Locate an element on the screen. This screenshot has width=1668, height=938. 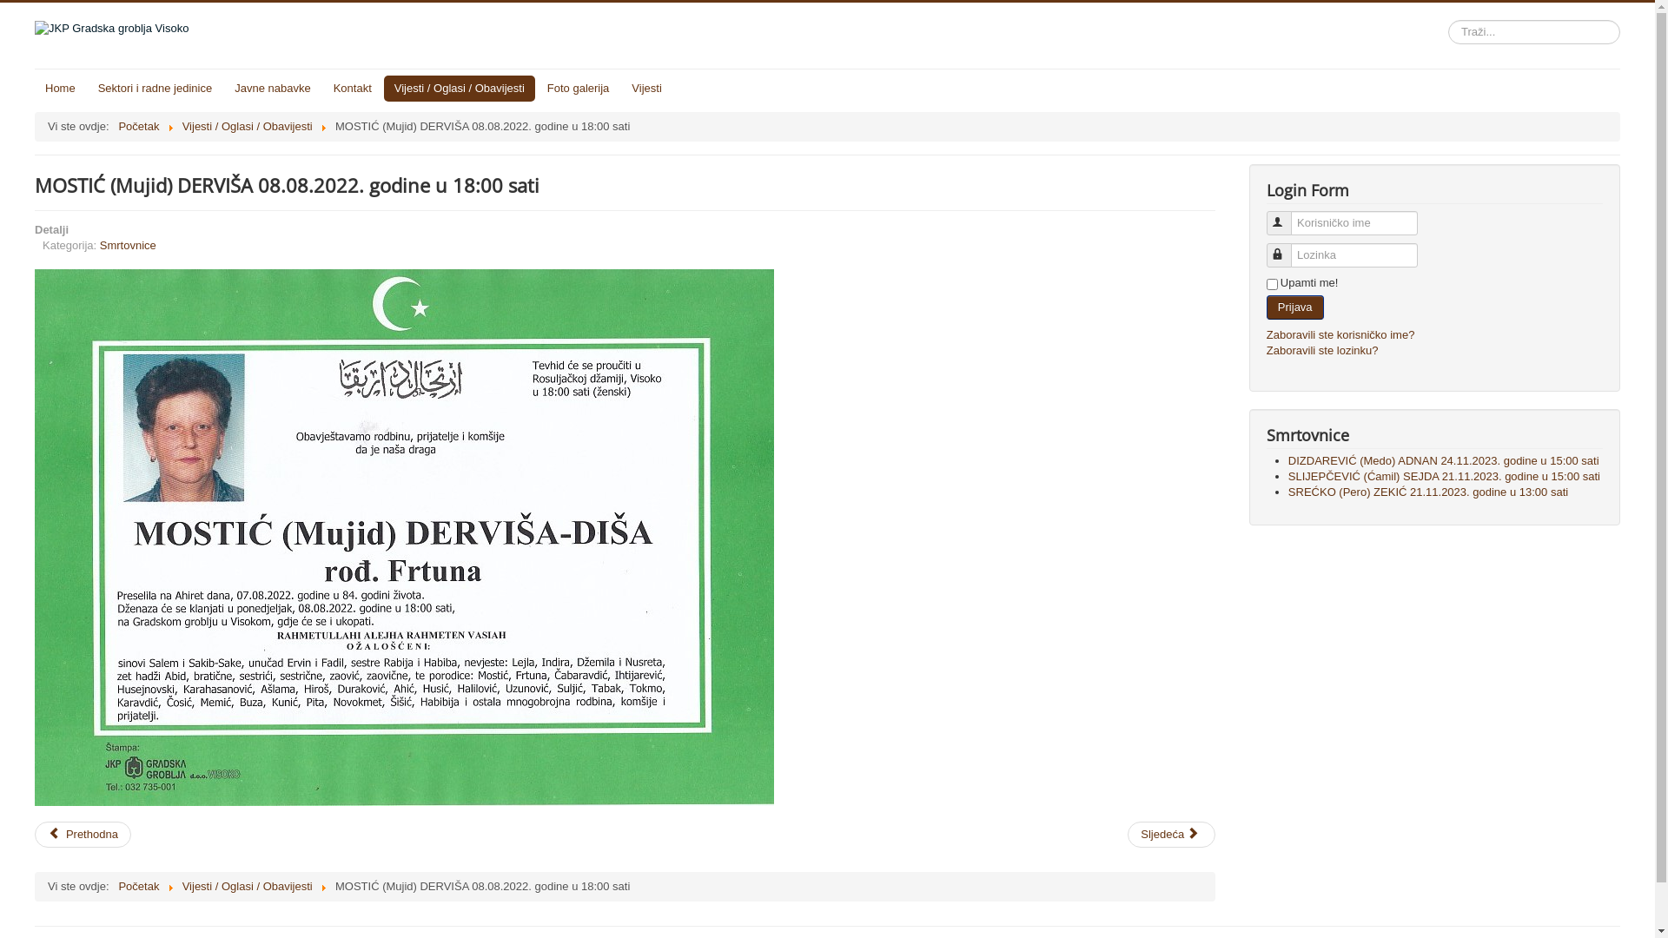
'Foto galerija' is located at coordinates (579, 88).